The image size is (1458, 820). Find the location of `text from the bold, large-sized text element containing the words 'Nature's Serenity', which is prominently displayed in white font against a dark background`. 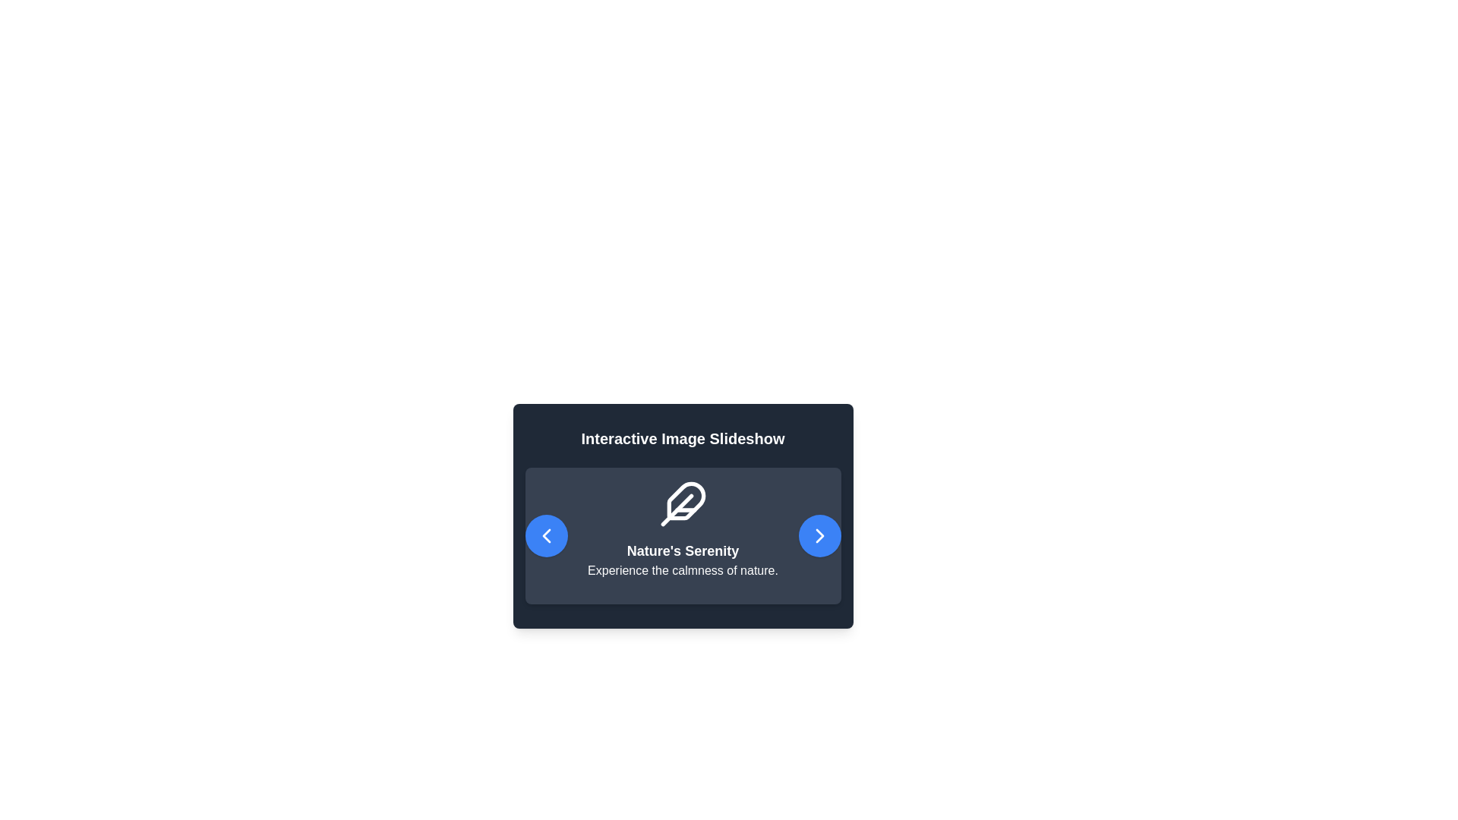

text from the bold, large-sized text element containing the words 'Nature's Serenity', which is prominently displayed in white font against a dark background is located at coordinates (682, 550).